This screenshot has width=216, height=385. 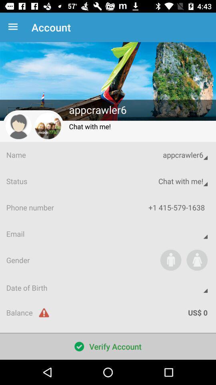 What do you see at coordinates (196, 259) in the screenshot?
I see `set gender to female` at bounding box center [196, 259].